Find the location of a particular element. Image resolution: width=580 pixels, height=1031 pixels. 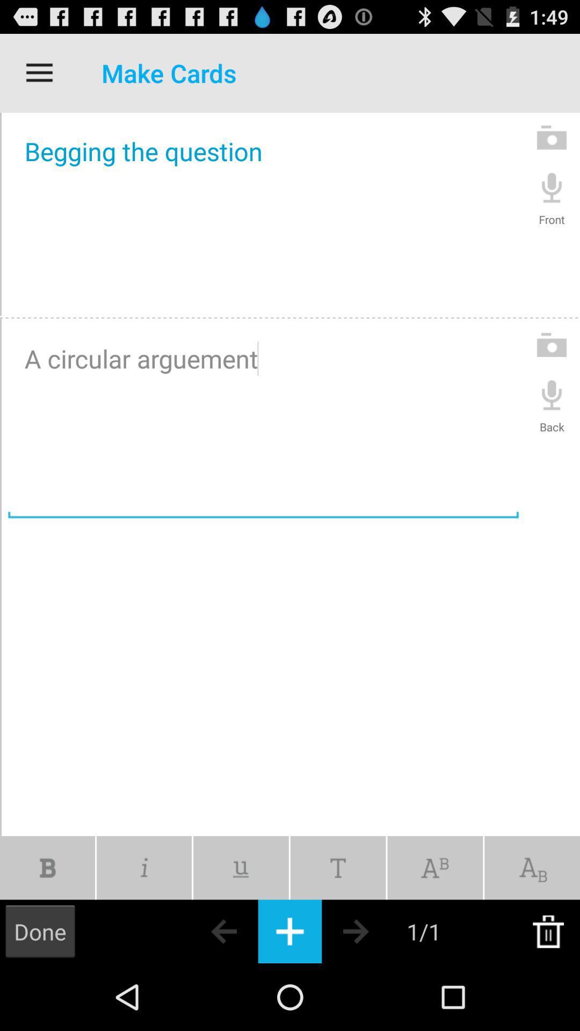

icon below a circular arguement is located at coordinates (143, 868).